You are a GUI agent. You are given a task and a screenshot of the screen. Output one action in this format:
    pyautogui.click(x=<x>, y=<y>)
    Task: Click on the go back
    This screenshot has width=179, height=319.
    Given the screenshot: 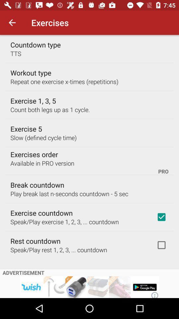 What is the action you would take?
    pyautogui.click(x=69, y=21)
    